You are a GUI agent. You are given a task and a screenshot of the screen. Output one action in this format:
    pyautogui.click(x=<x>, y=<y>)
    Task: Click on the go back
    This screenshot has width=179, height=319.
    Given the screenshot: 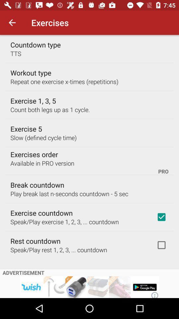 What is the action you would take?
    pyautogui.click(x=69, y=21)
    